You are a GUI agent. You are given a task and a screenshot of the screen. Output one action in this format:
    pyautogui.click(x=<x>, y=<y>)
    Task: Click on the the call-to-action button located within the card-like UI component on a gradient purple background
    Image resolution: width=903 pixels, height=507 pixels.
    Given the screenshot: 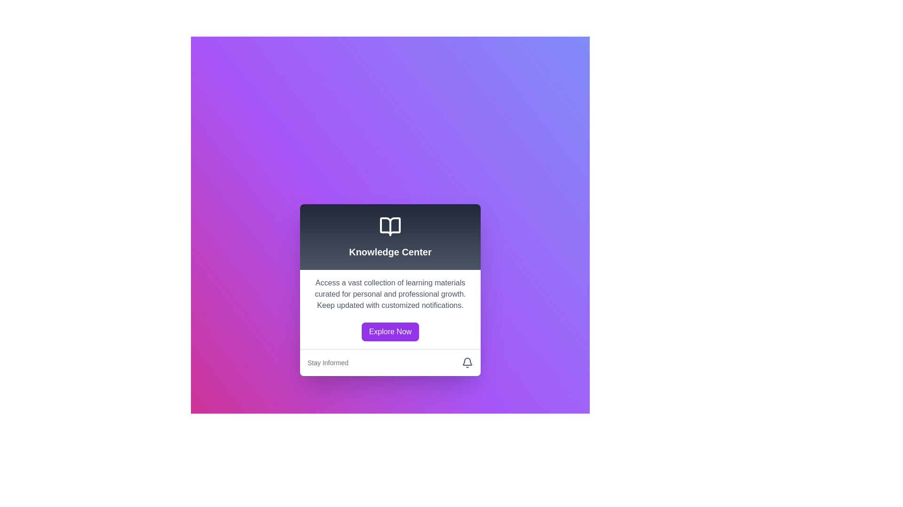 What is the action you would take?
    pyautogui.click(x=390, y=331)
    